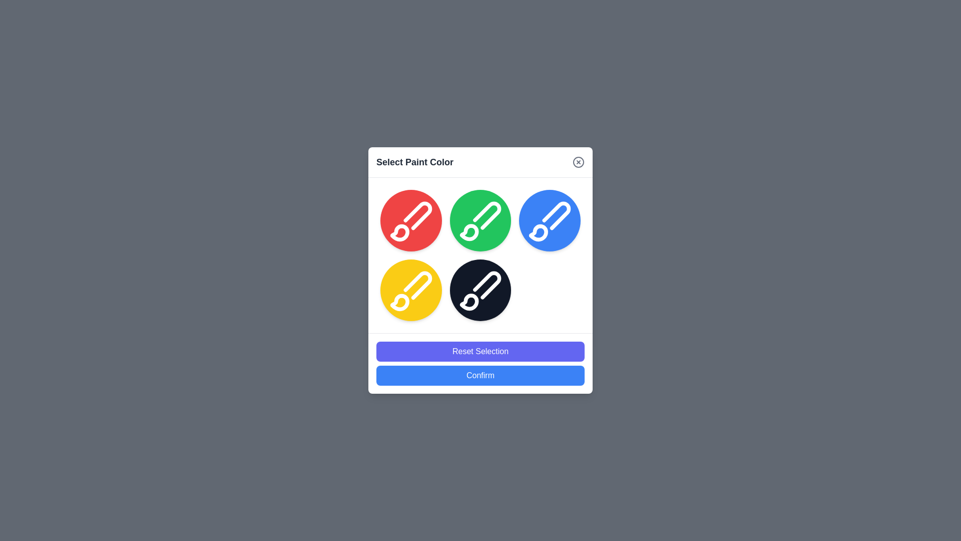  What do you see at coordinates (480, 219) in the screenshot?
I see `the color circle corresponding to green` at bounding box center [480, 219].